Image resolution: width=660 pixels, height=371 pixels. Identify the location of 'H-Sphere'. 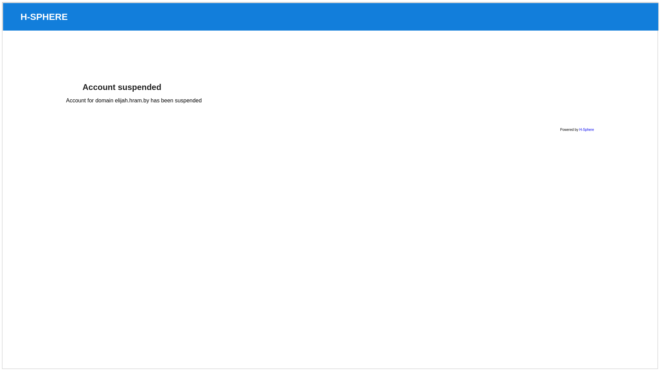
(579, 130).